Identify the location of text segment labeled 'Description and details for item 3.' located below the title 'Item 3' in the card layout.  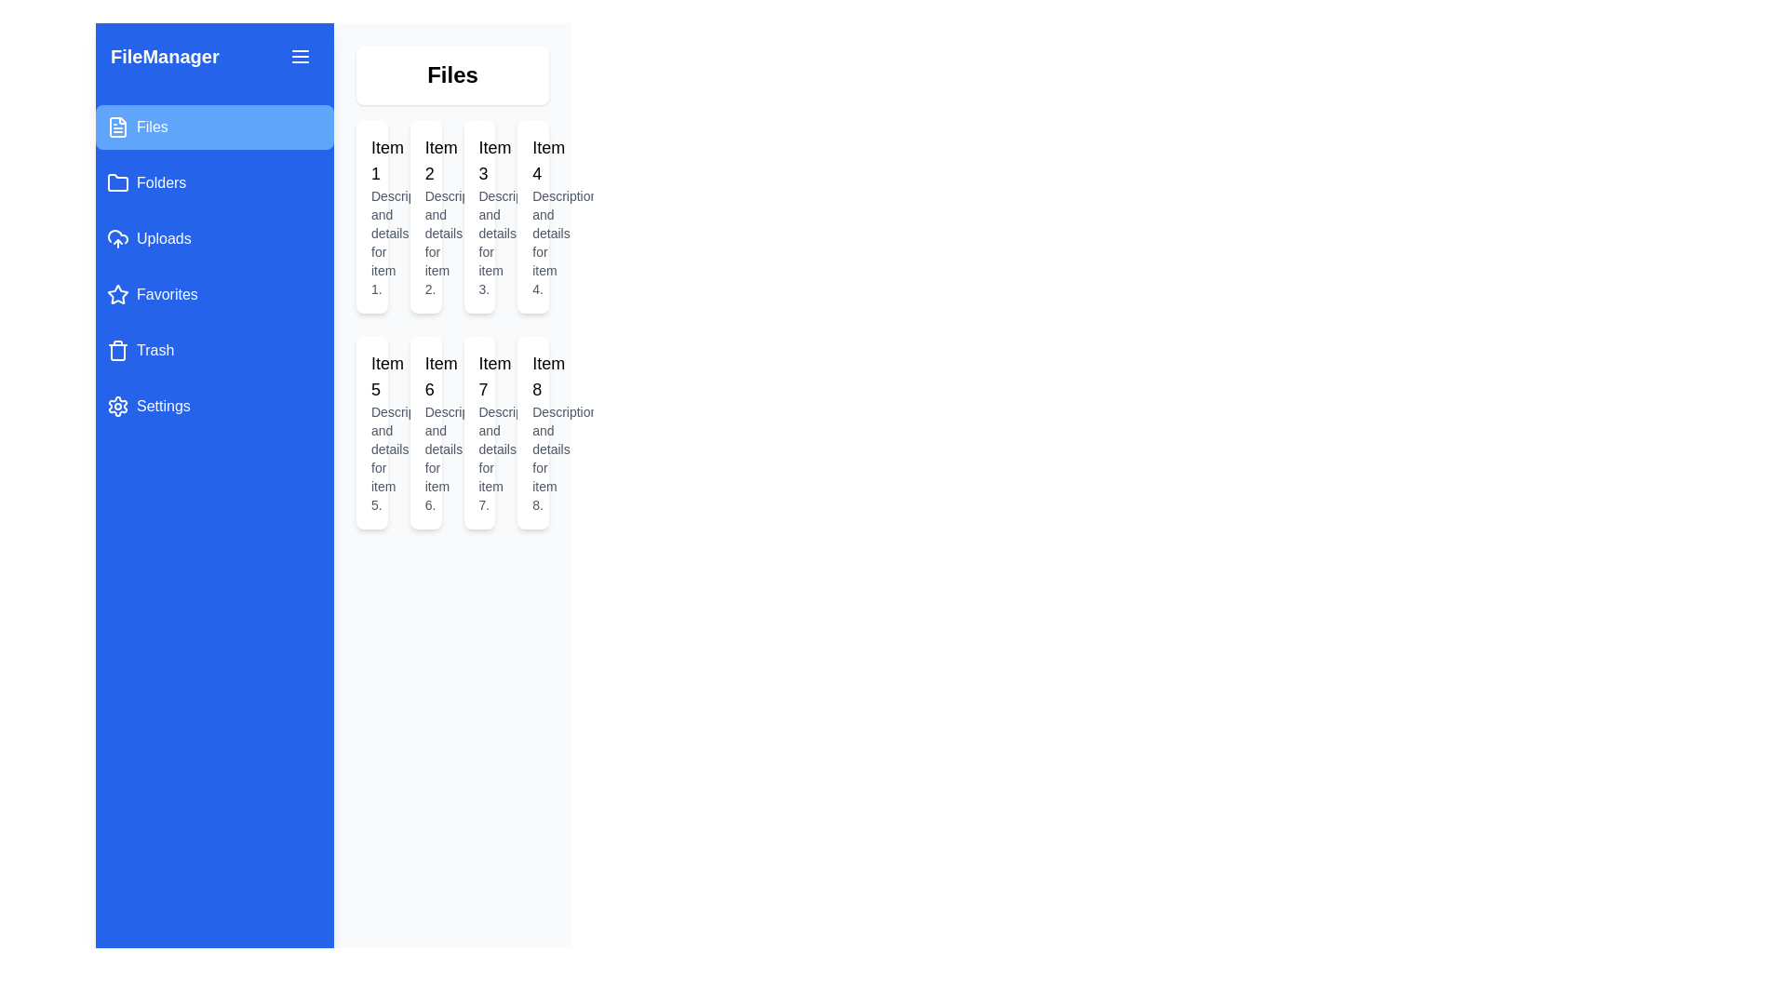
(479, 242).